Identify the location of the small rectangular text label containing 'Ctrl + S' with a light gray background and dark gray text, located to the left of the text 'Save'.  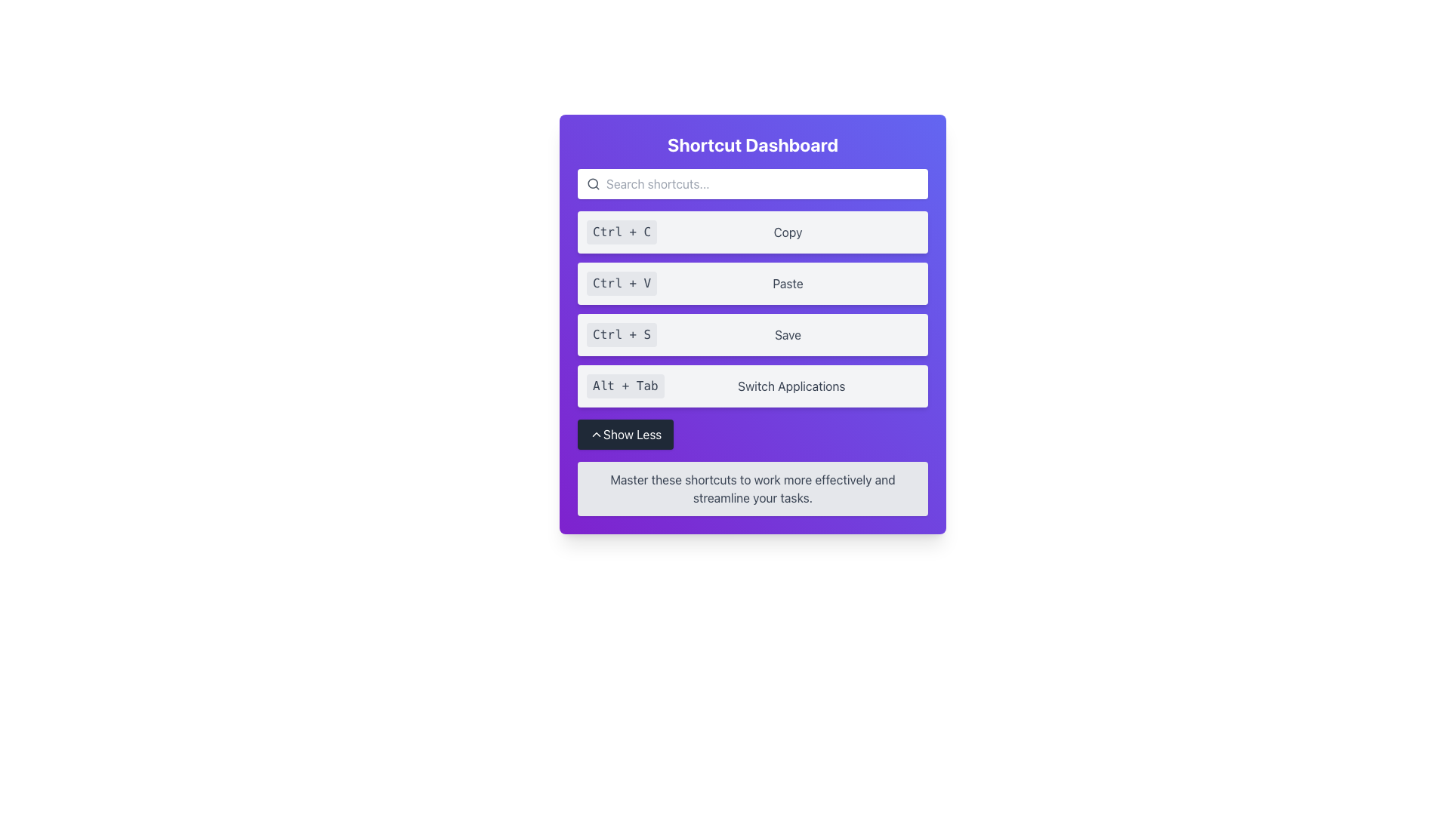
(622, 334).